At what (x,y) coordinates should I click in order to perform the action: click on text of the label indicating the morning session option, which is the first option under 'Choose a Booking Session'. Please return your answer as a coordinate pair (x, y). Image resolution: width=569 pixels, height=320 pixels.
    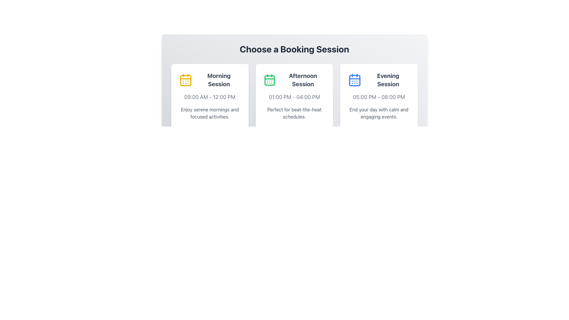
    Looking at the image, I should click on (218, 80).